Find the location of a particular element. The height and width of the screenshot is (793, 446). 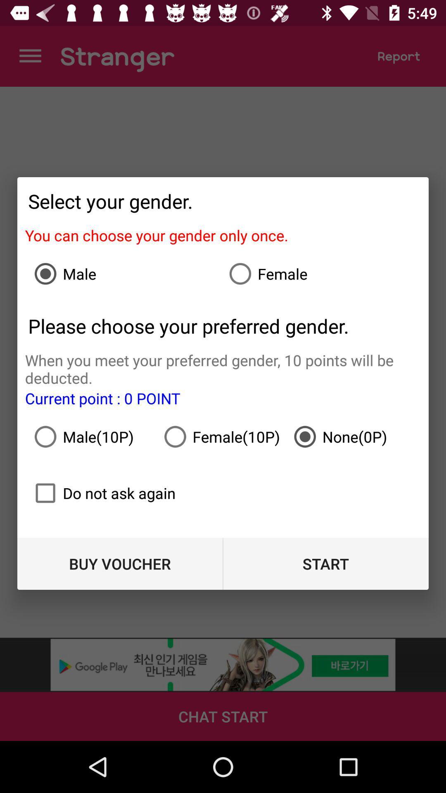

item below the current point 0 icon is located at coordinates (93, 436).